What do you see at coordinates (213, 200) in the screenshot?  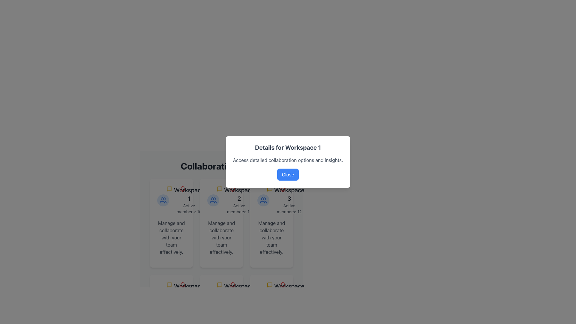 I see `the member icon located in the 'Workspace 2' section, positioned above the text 'Workspace 2' and 'Active members: 11'` at bounding box center [213, 200].